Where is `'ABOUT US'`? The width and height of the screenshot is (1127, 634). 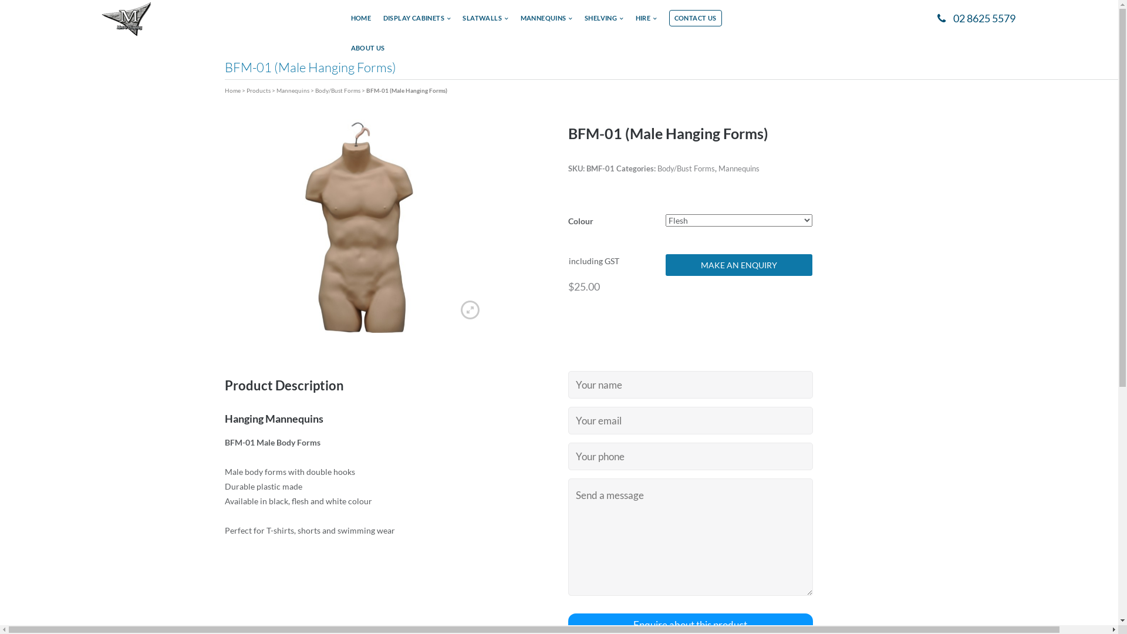 'ABOUT US' is located at coordinates (367, 51).